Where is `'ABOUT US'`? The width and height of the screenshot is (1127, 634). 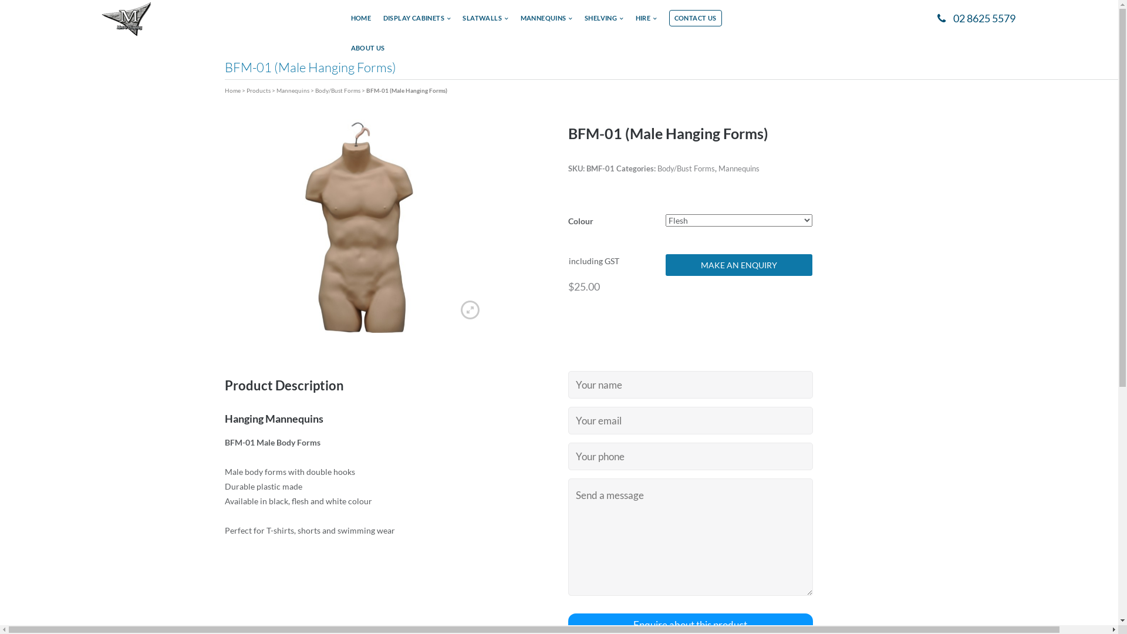 'ABOUT US' is located at coordinates (367, 51).